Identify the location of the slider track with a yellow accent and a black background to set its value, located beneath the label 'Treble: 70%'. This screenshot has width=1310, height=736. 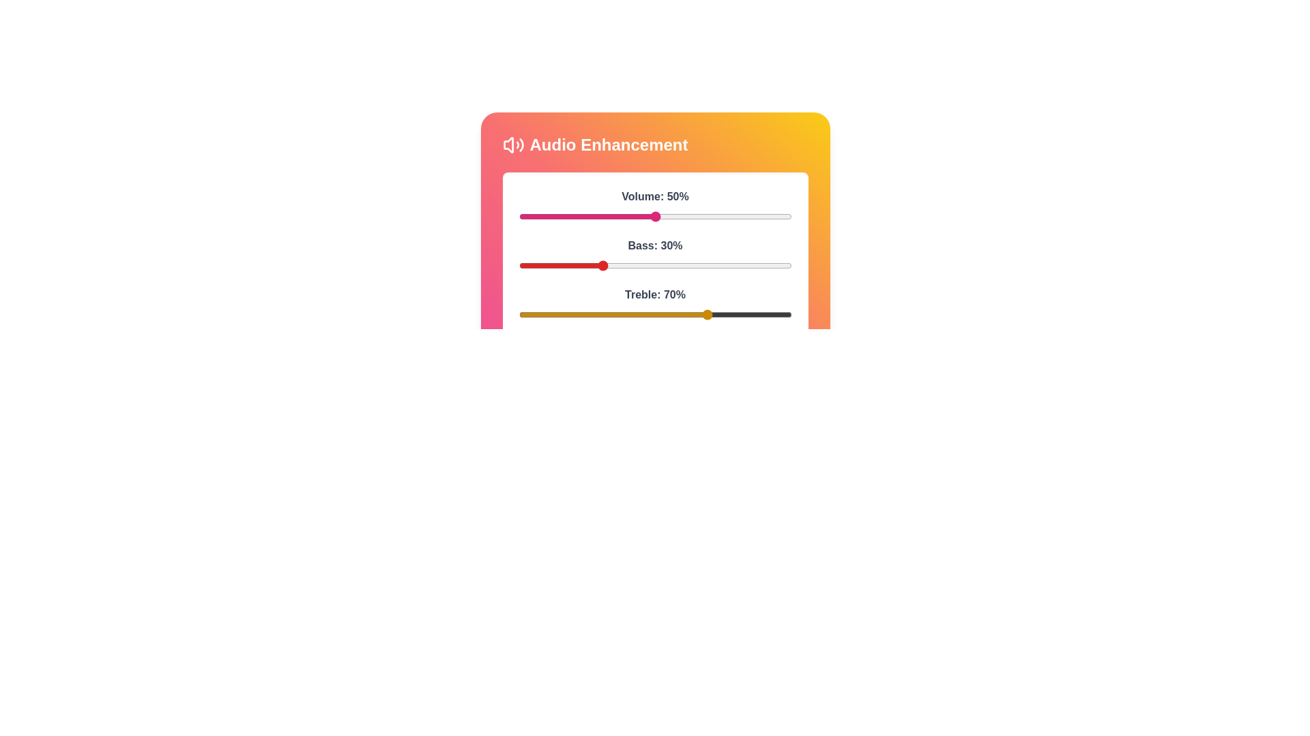
(655, 315).